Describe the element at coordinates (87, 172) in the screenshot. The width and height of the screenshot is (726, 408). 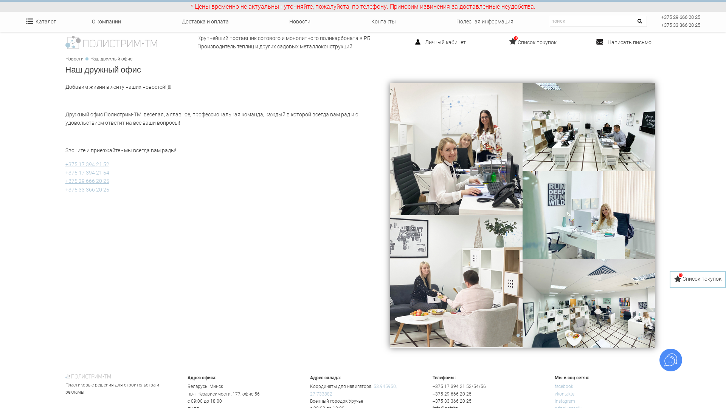
I see `'+375 17 394 21 54'` at that location.